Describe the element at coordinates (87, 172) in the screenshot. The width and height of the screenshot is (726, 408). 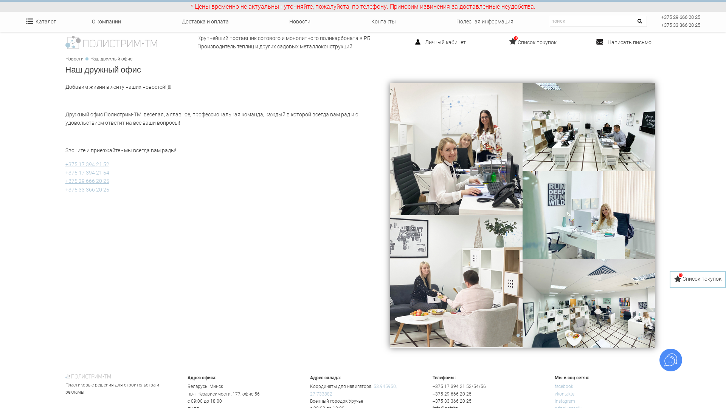
I see `'+375 17 394 21 54'` at that location.